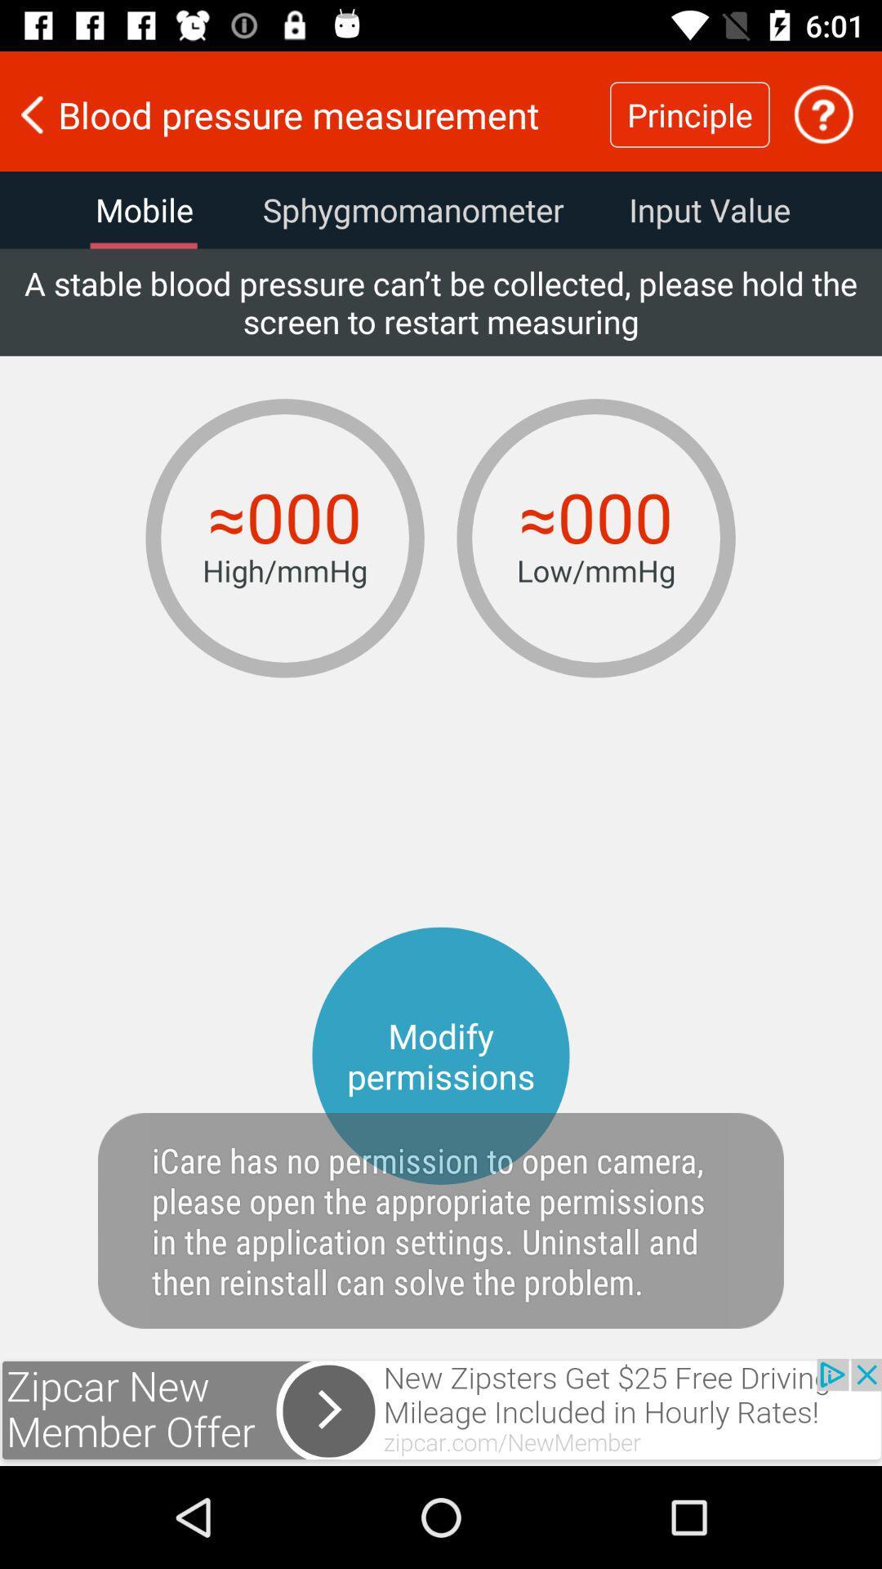 This screenshot has width=882, height=1569. What do you see at coordinates (441, 1411) in the screenshot?
I see `click advertisement banner` at bounding box center [441, 1411].